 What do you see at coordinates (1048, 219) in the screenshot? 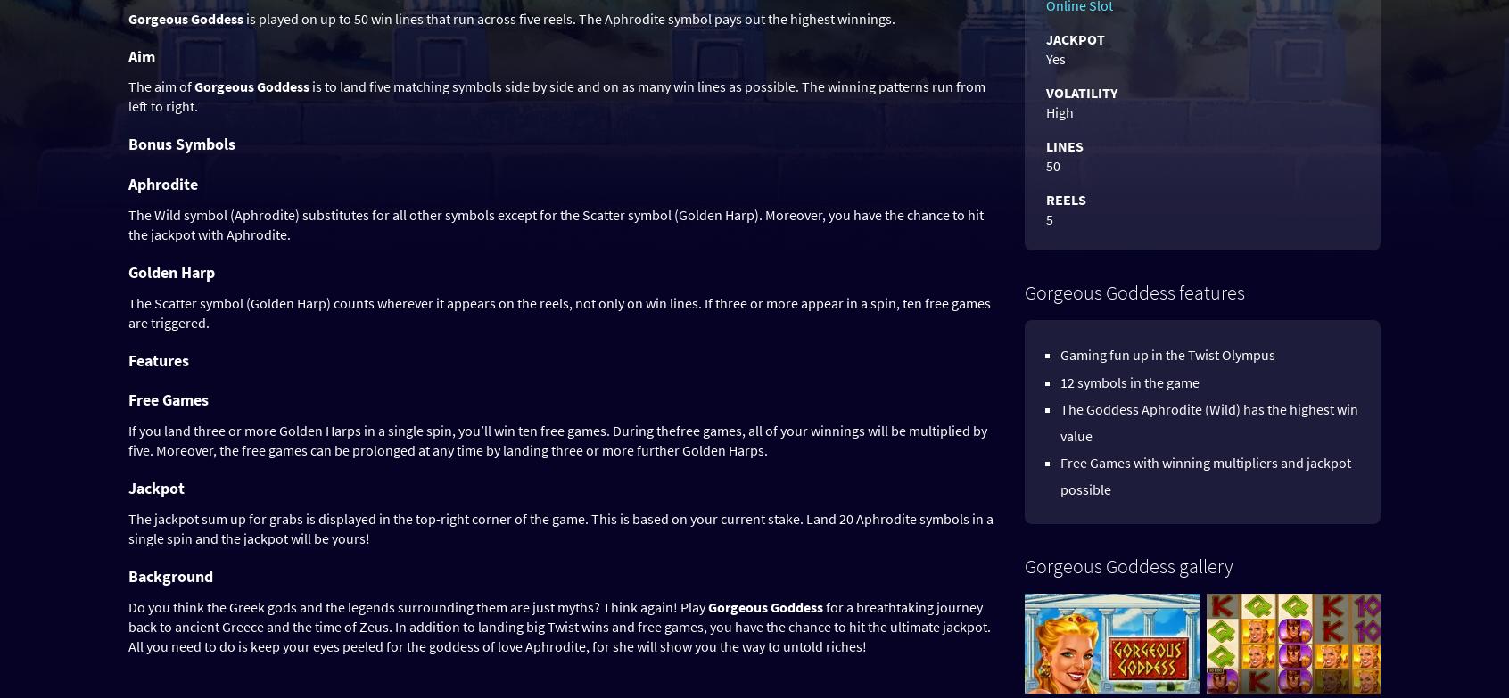
I see `'5'` at bounding box center [1048, 219].